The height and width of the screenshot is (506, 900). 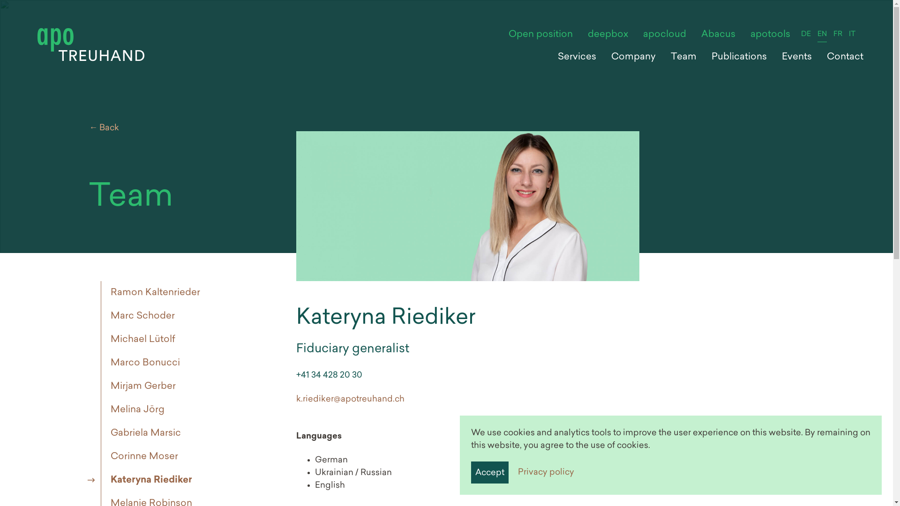 I want to click on 'Services', so click(x=576, y=57).